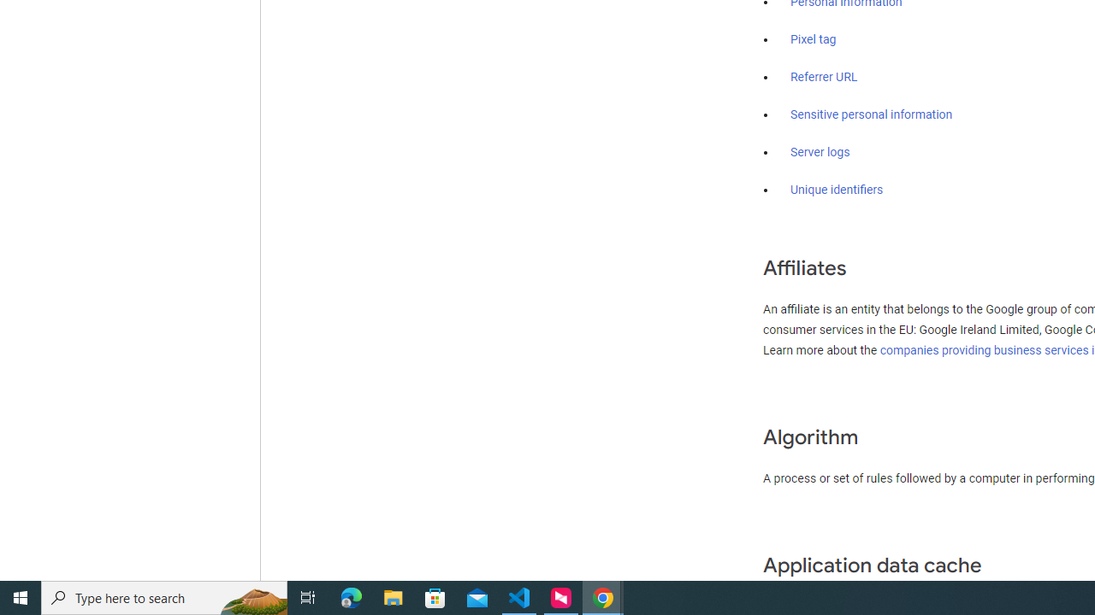 The height and width of the screenshot is (615, 1095). Describe the element at coordinates (871, 115) in the screenshot. I see `'Sensitive personal information'` at that location.